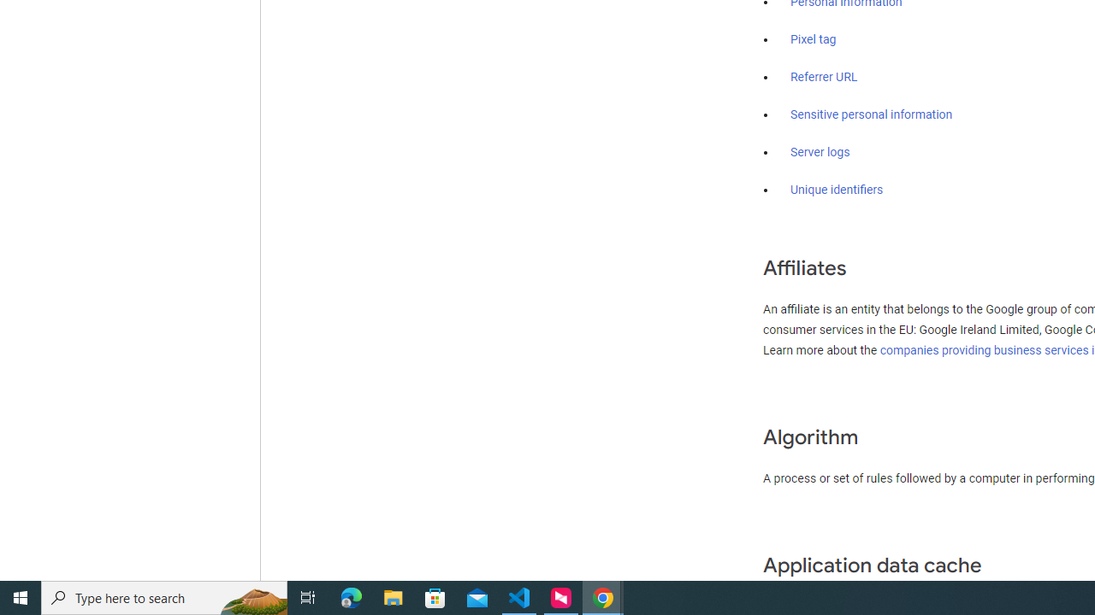 The height and width of the screenshot is (615, 1095). Describe the element at coordinates (871, 115) in the screenshot. I see `'Sensitive personal information'` at that location.